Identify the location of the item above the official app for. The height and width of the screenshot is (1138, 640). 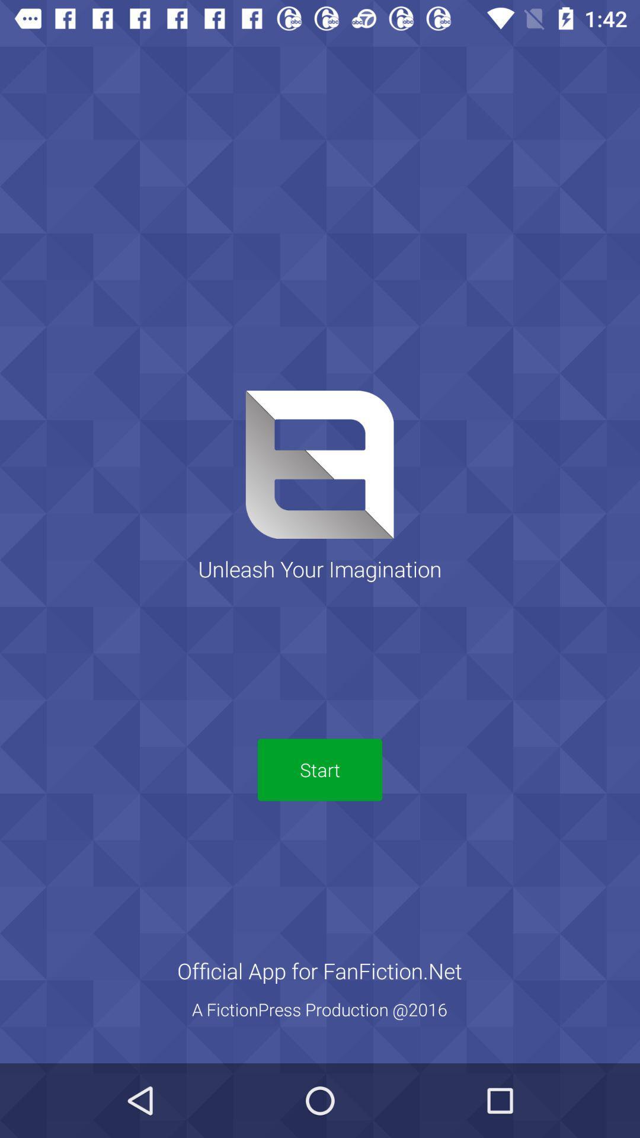
(320, 770).